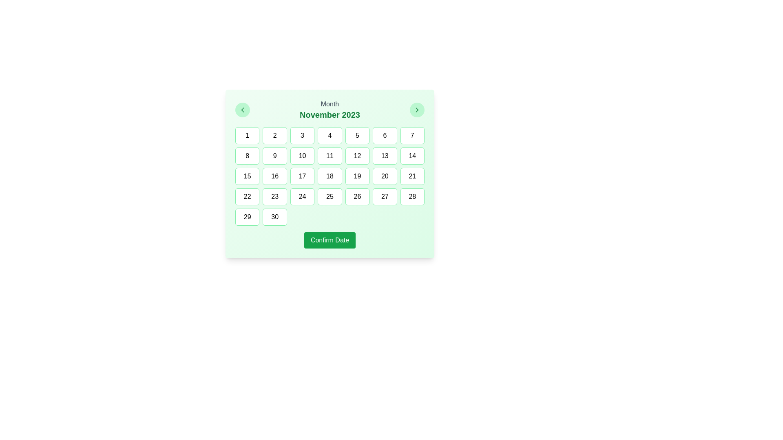  I want to click on the button labeled '12' which is a rectangular UI component with rounded corners, white background, and green border, so click(357, 156).